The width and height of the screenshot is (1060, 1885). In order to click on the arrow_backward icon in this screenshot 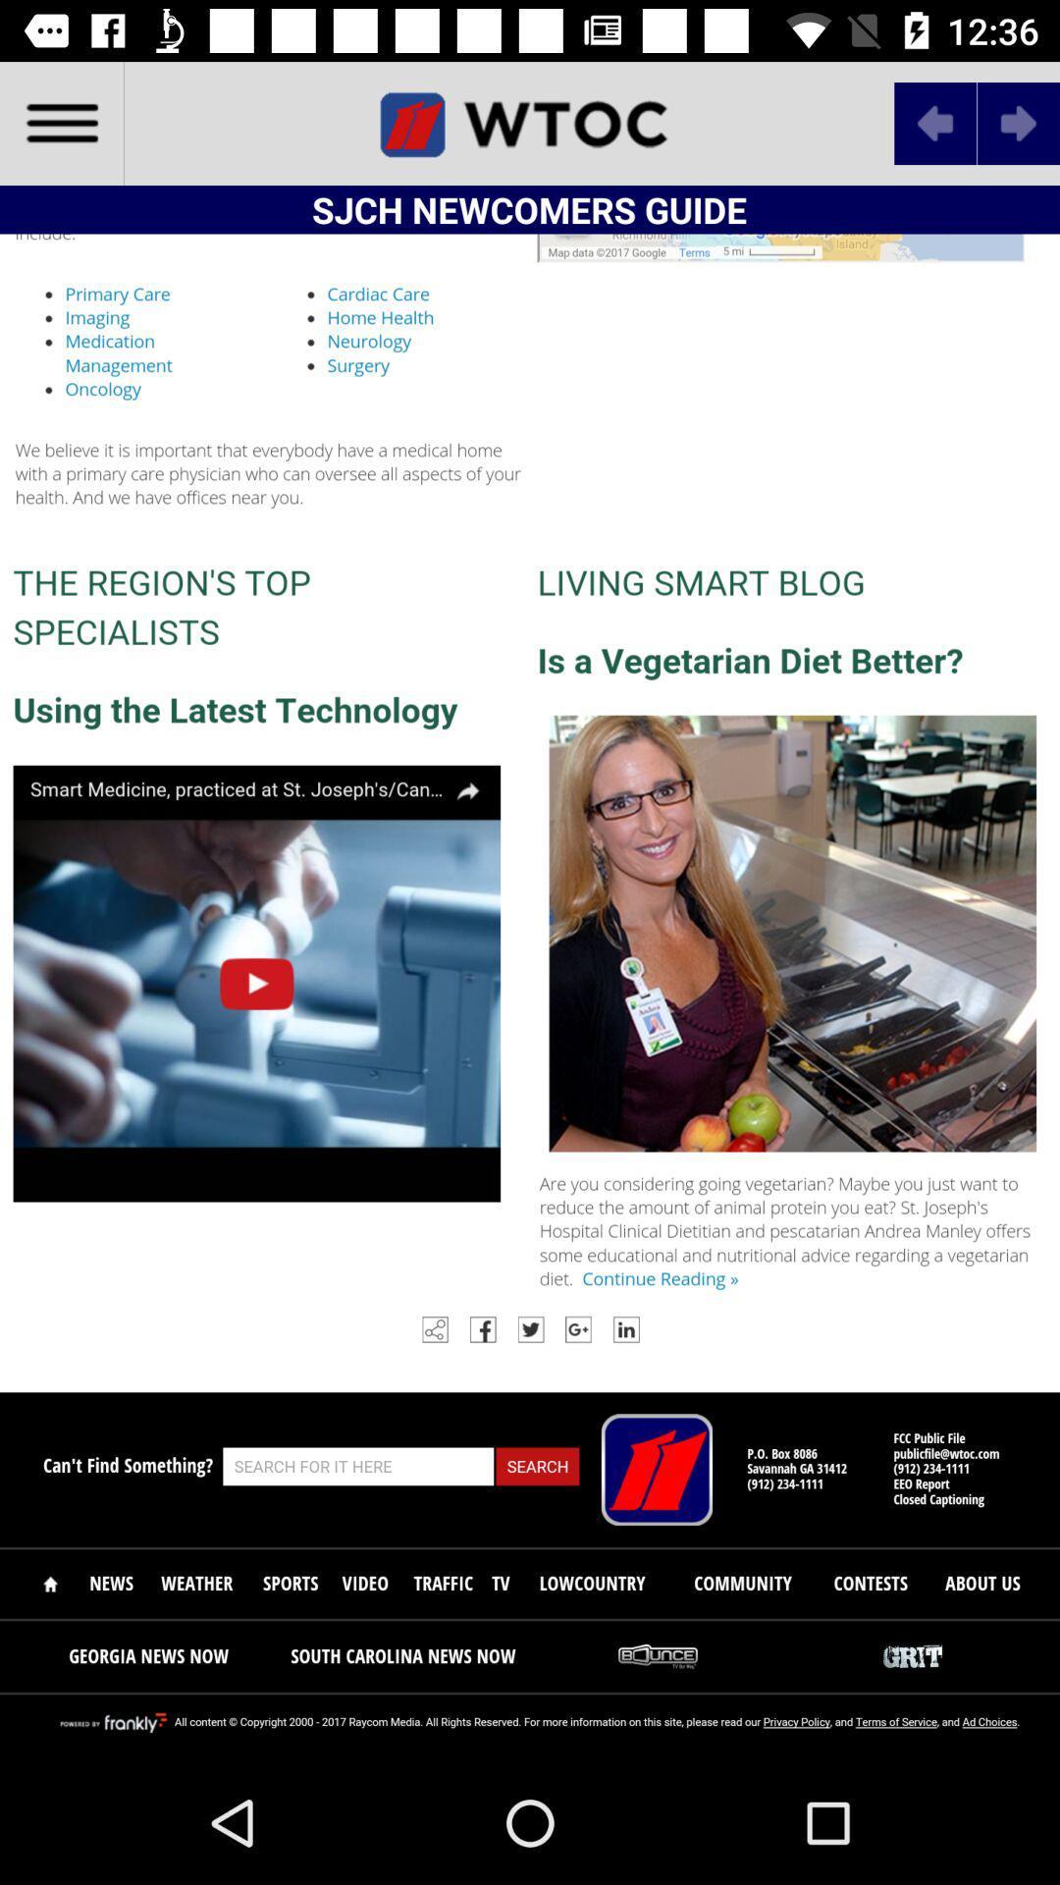, I will do `click(934, 122)`.